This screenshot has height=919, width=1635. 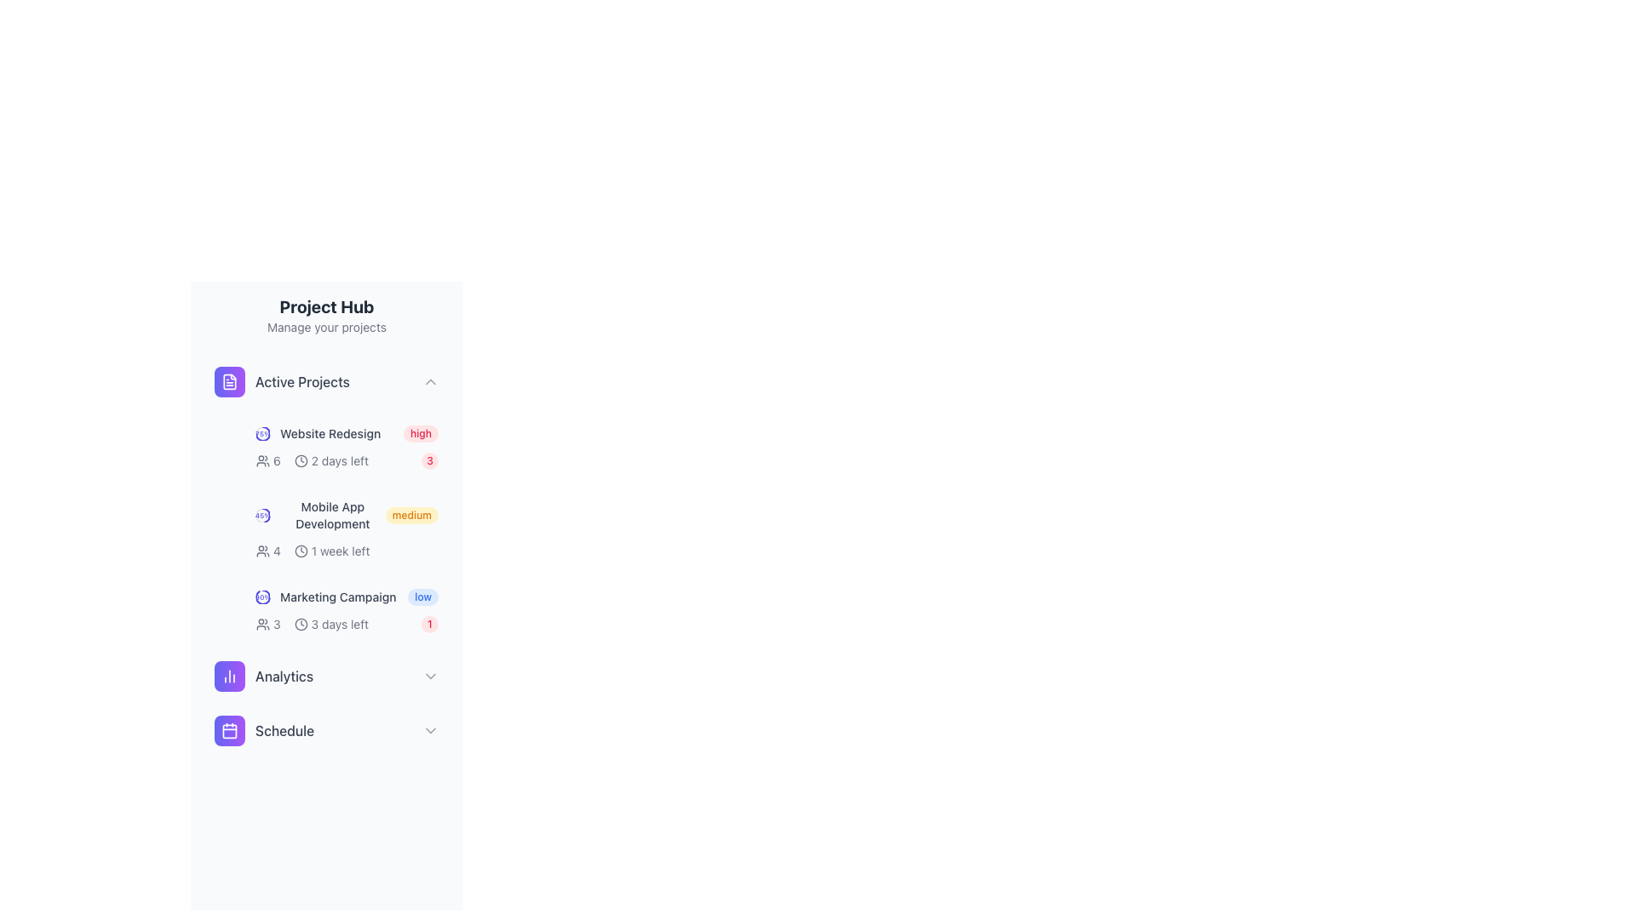 What do you see at coordinates (411, 514) in the screenshot?
I see `the 'medium' priority label in the 'Active Projects' section next to the project title 'Mobile App Development'` at bounding box center [411, 514].